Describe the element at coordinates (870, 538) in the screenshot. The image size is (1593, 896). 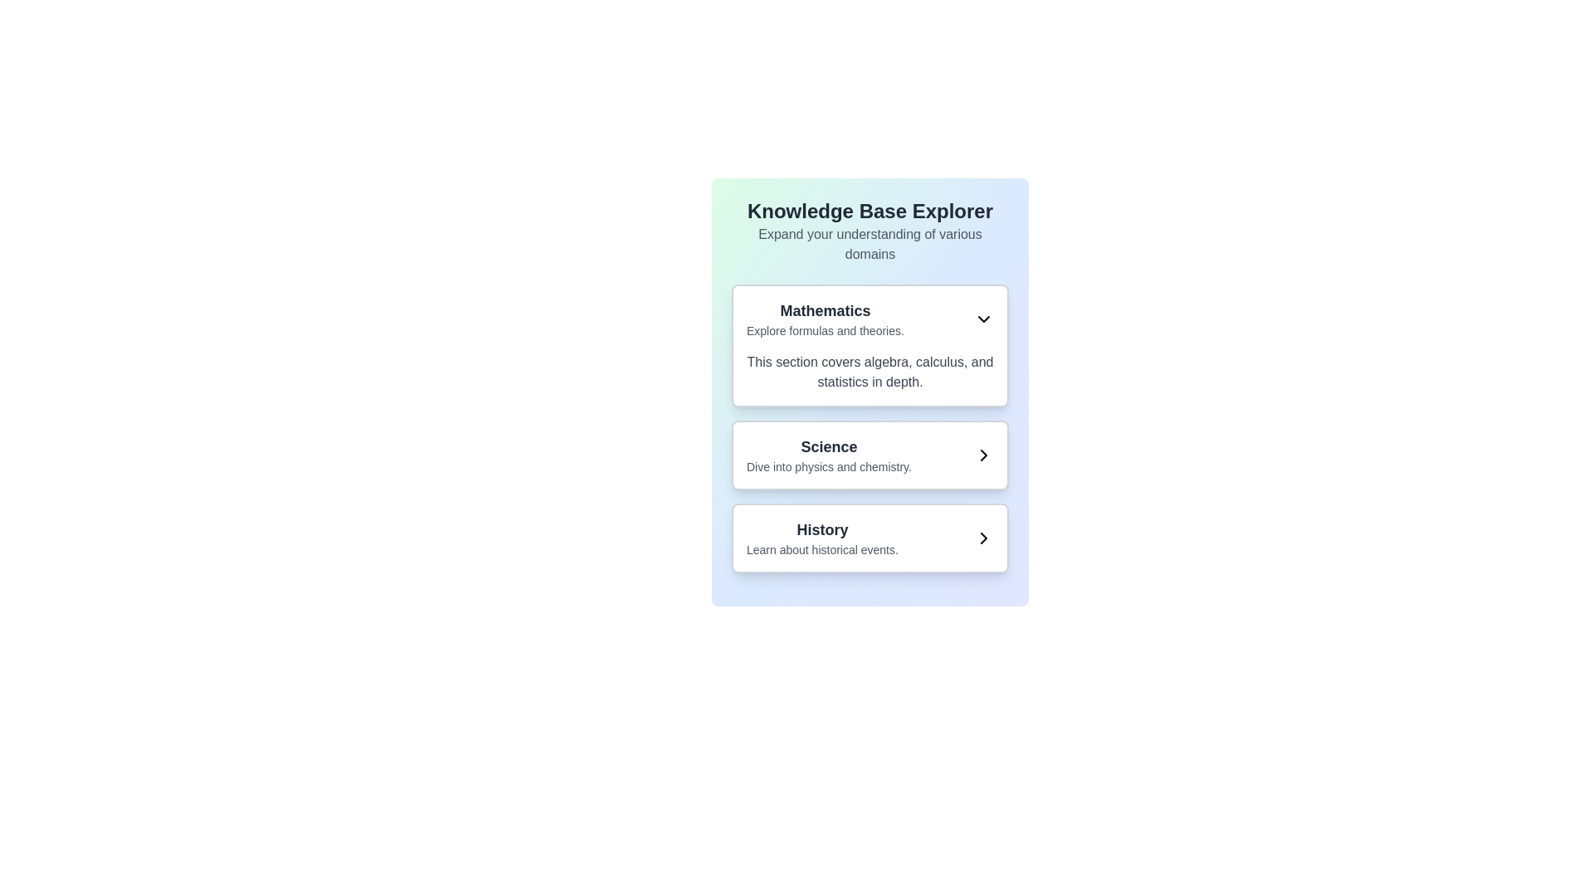
I see `the 'History' category list item in the 'Knowledge Base Explorer' section, which includes a nested heading and description, positioned as the third option in the list` at that location.